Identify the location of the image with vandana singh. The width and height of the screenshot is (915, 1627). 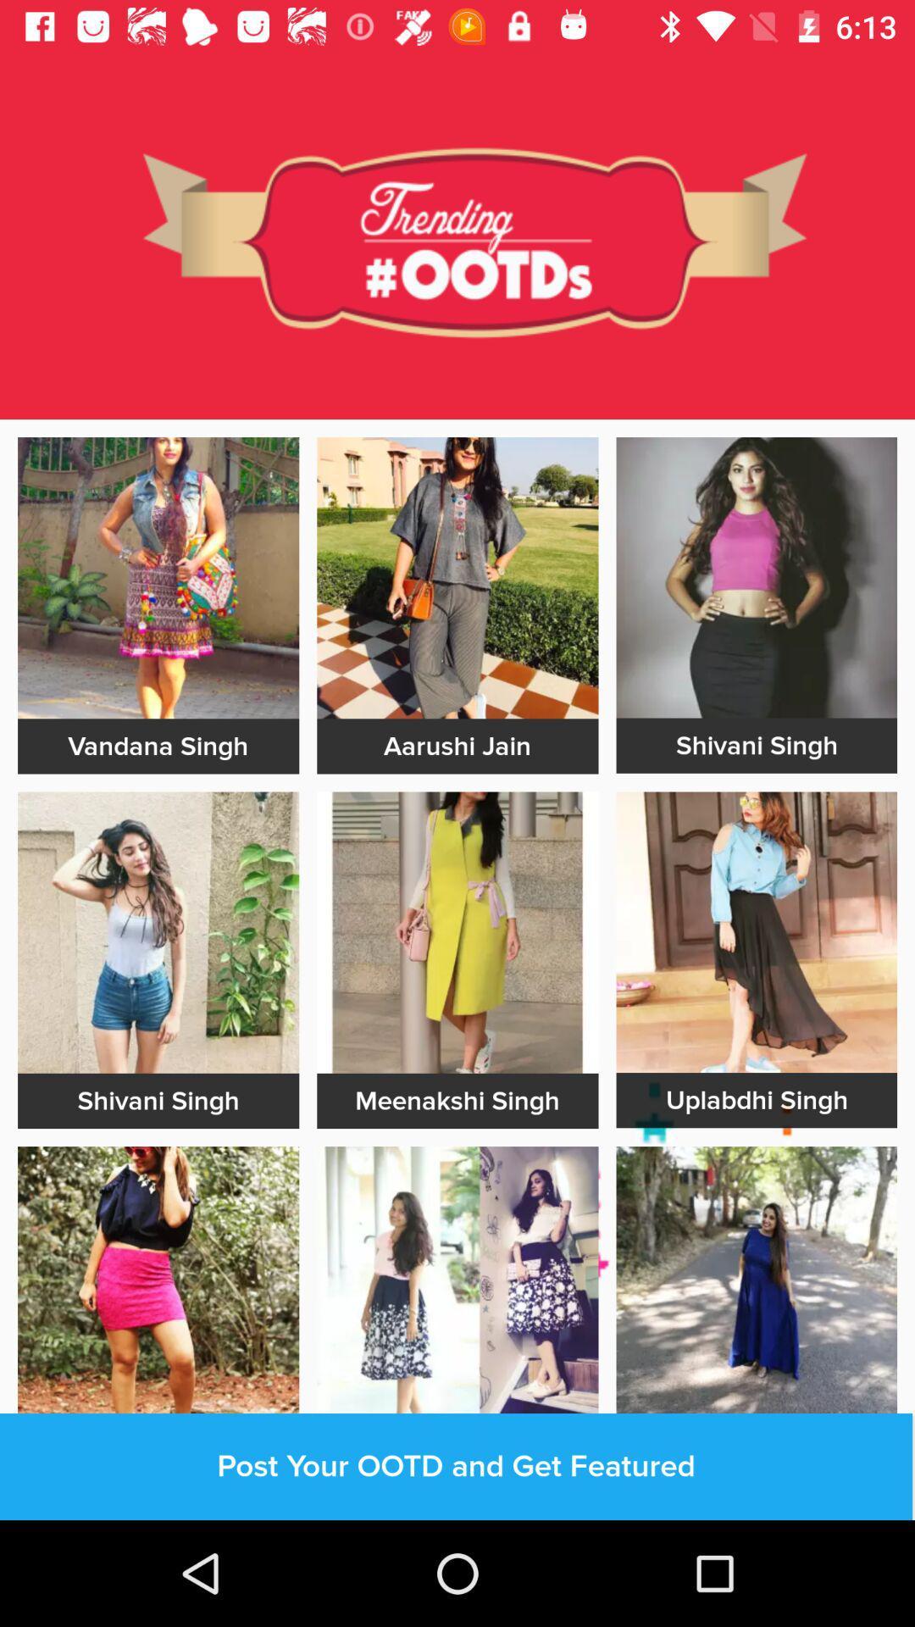
(158, 577).